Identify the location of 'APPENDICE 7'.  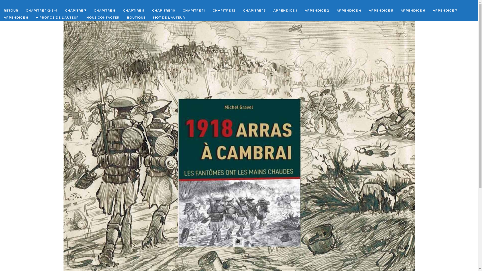
(429, 11).